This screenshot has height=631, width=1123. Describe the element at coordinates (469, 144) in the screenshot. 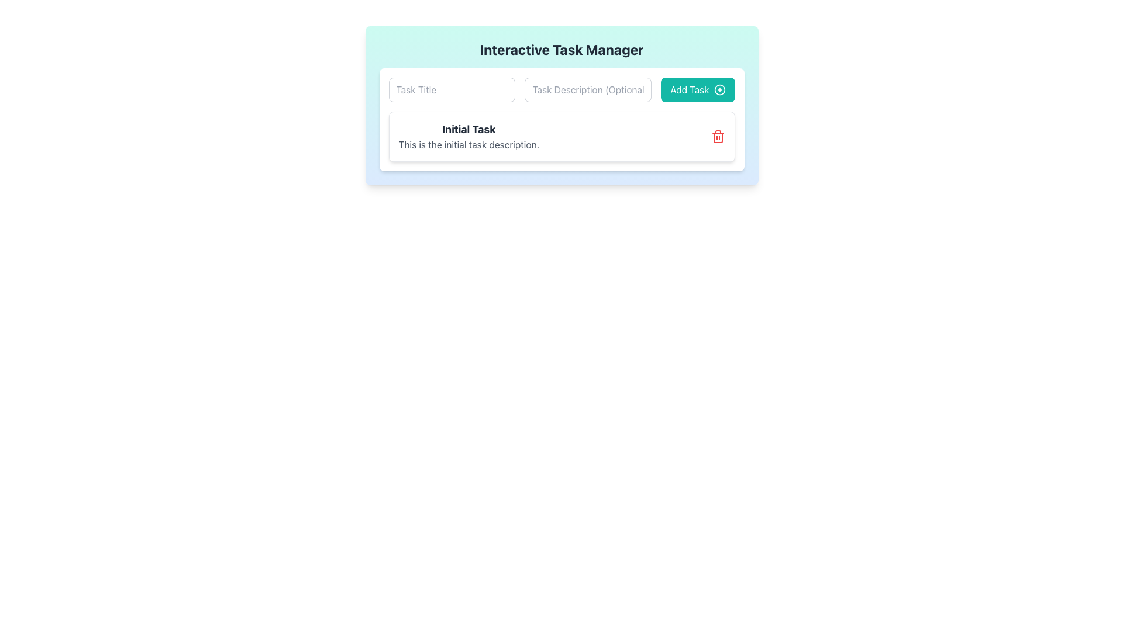

I see `the informational text label located beneath the bolded title 'Initial Task' in the main task card area` at that location.